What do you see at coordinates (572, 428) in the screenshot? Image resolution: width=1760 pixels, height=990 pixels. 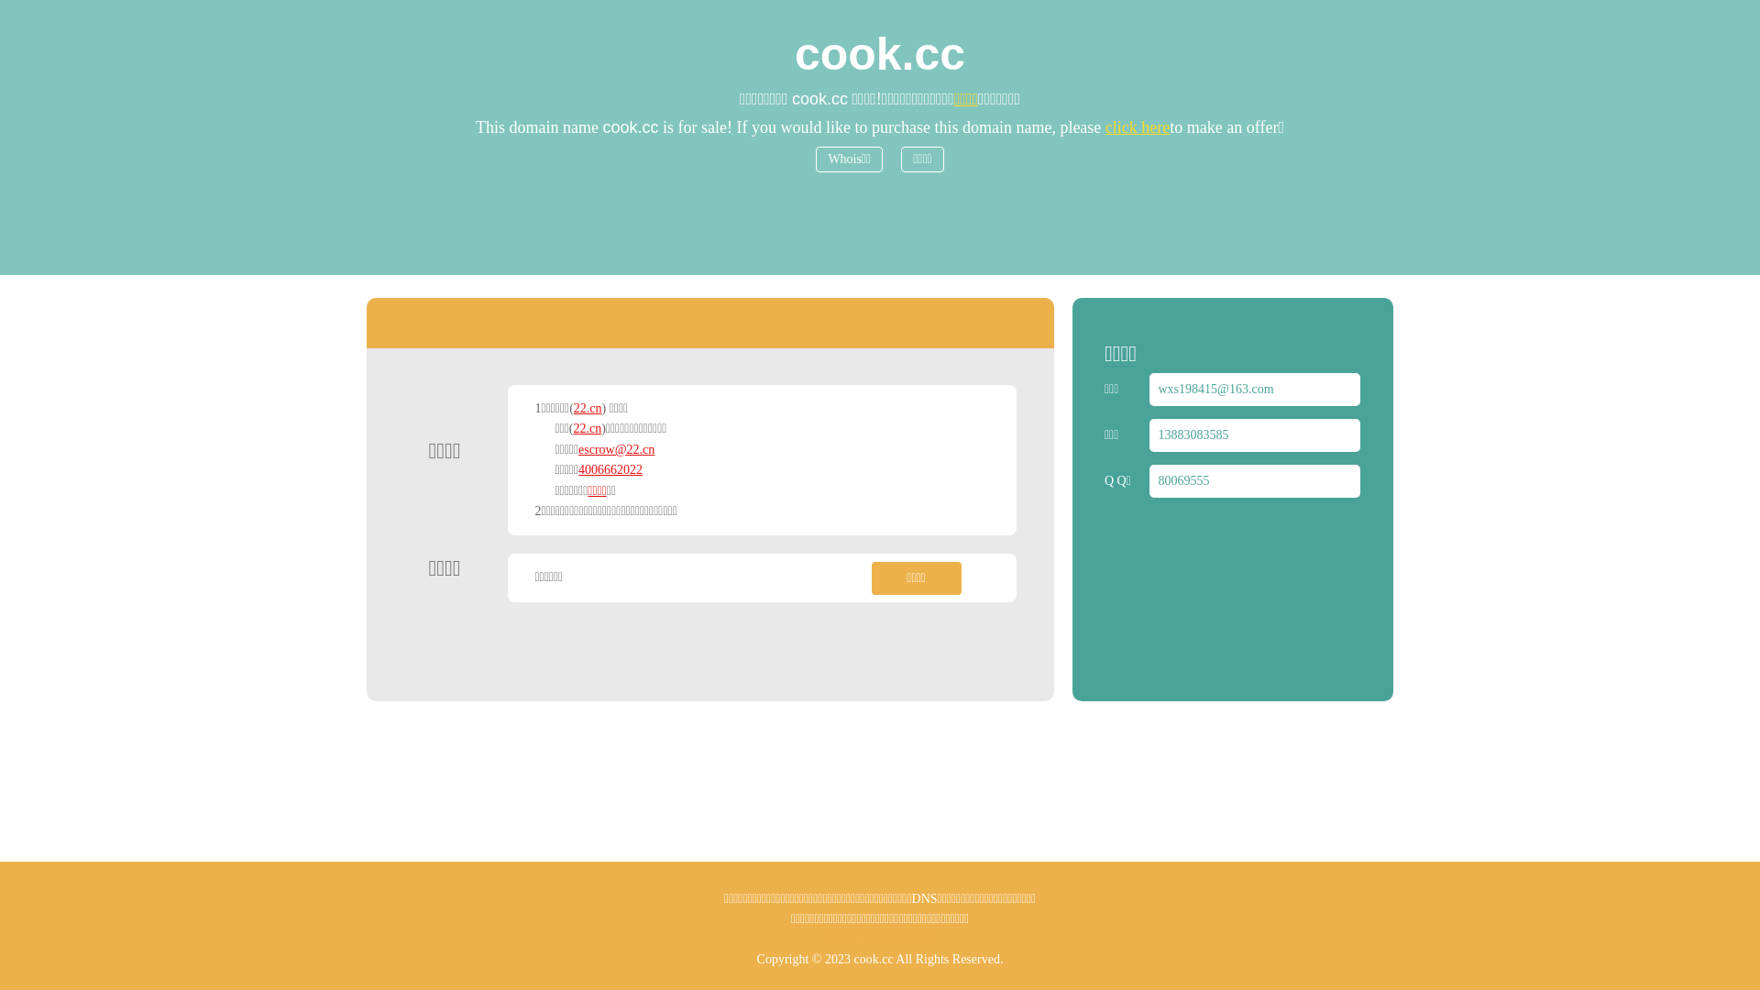 I see `'22.cn'` at bounding box center [572, 428].